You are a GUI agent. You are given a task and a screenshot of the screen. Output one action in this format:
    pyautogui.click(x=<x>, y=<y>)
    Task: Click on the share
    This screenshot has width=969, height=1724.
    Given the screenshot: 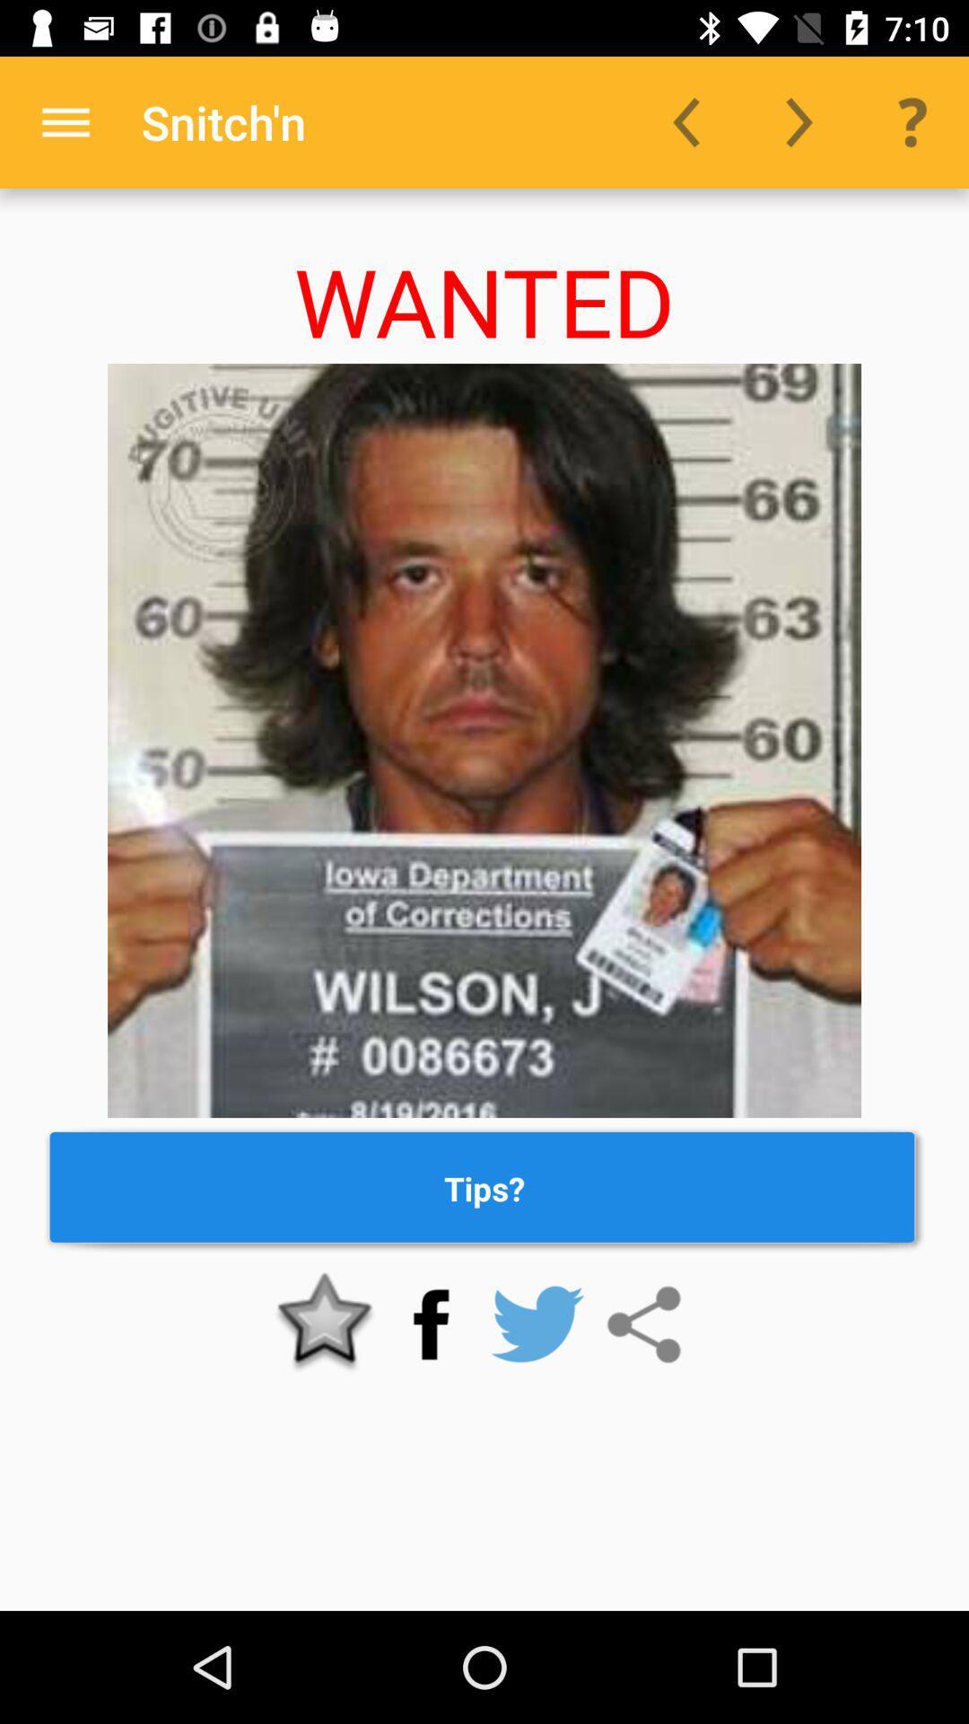 What is the action you would take?
    pyautogui.click(x=642, y=1324)
    